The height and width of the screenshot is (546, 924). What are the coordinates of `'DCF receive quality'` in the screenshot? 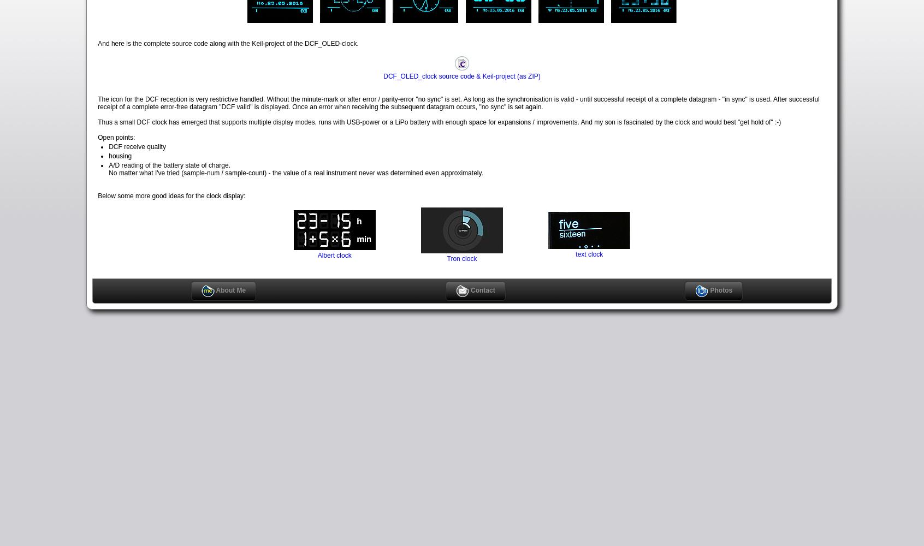 It's located at (137, 146).